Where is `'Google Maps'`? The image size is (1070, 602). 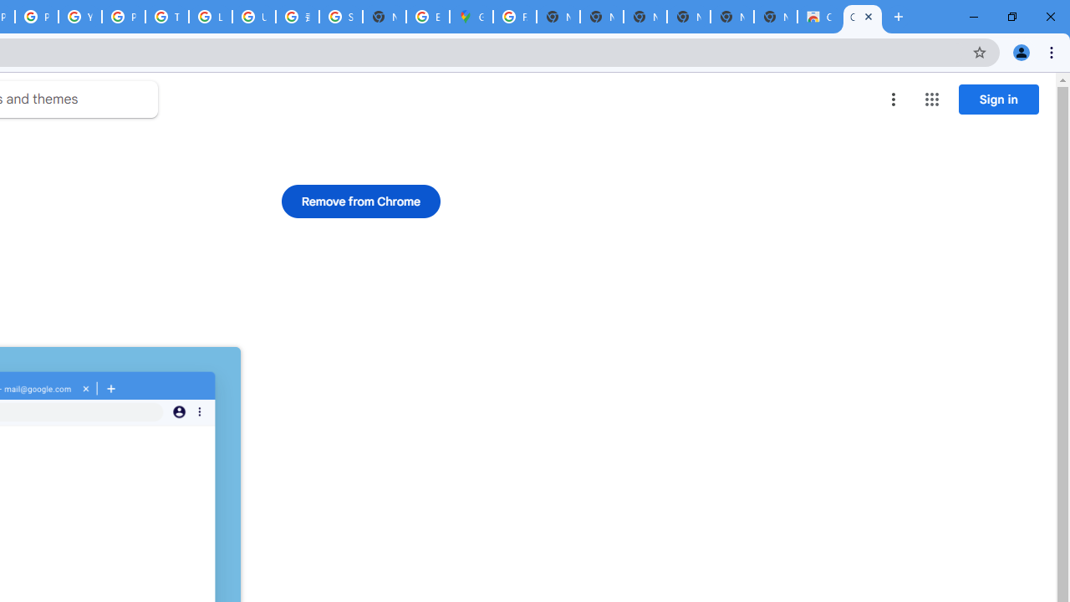 'Google Maps' is located at coordinates (470, 17).